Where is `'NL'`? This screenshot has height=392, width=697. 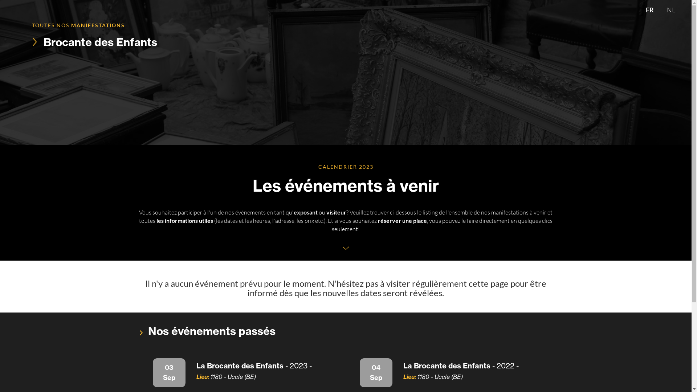
'NL' is located at coordinates (670, 10).